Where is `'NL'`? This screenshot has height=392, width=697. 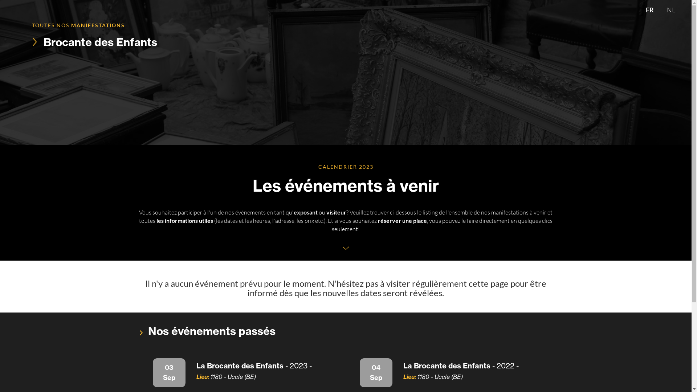
'NL' is located at coordinates (670, 10).